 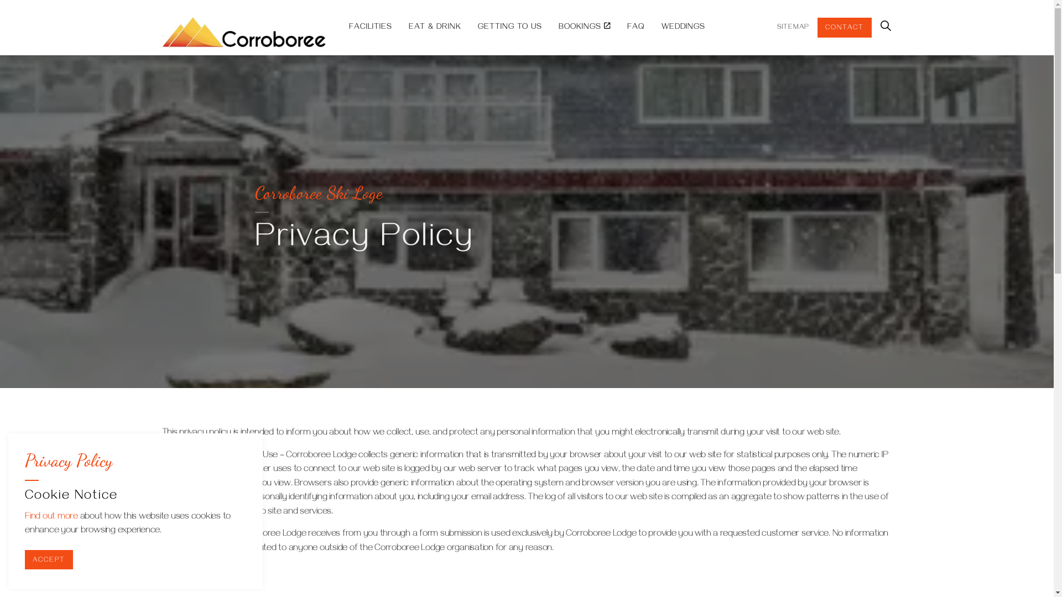 What do you see at coordinates (340, 27) in the screenshot?
I see `'FACILITIES'` at bounding box center [340, 27].